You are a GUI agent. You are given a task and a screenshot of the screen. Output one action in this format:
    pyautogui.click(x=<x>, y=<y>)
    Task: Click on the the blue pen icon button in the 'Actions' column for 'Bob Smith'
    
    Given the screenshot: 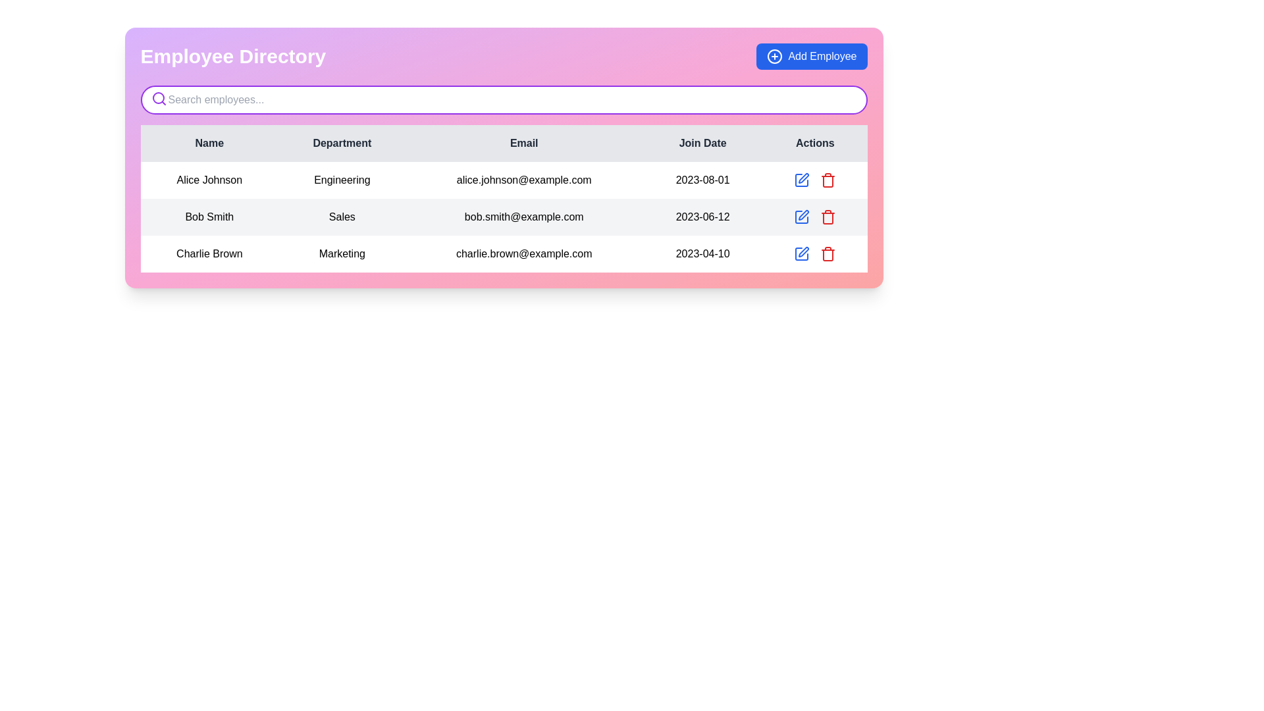 What is the action you would take?
    pyautogui.click(x=801, y=217)
    